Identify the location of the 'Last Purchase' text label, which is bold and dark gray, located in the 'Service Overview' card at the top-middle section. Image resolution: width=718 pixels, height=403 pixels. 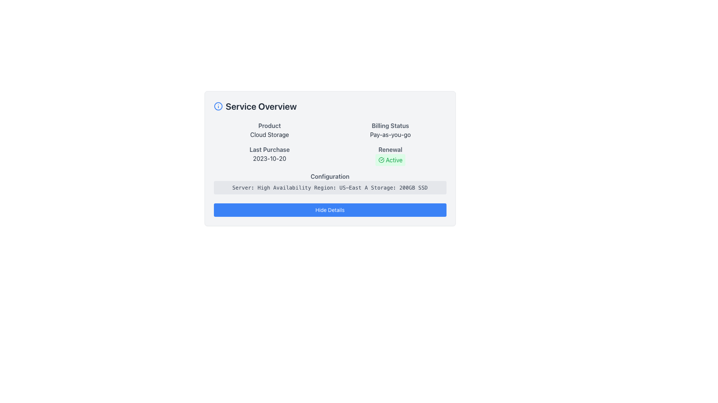
(269, 150).